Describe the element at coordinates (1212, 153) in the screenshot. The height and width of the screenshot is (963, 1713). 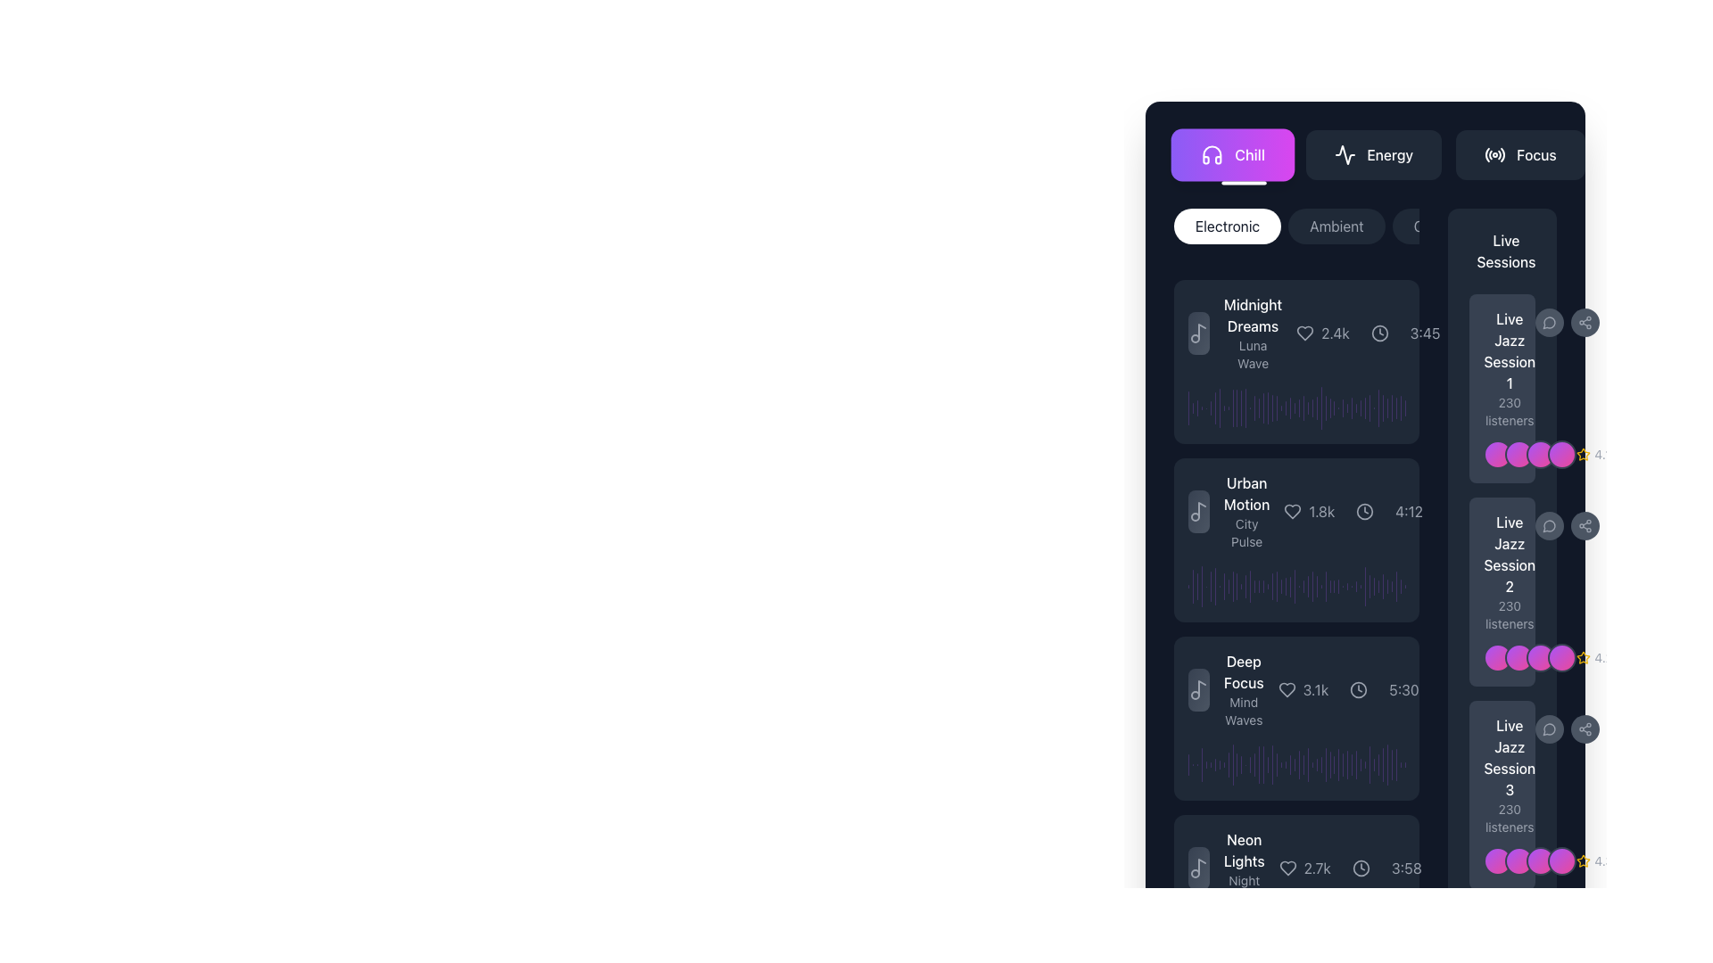
I see `the purple headphones icon located in the 'Chill' tab at the top section of the user interface` at that location.